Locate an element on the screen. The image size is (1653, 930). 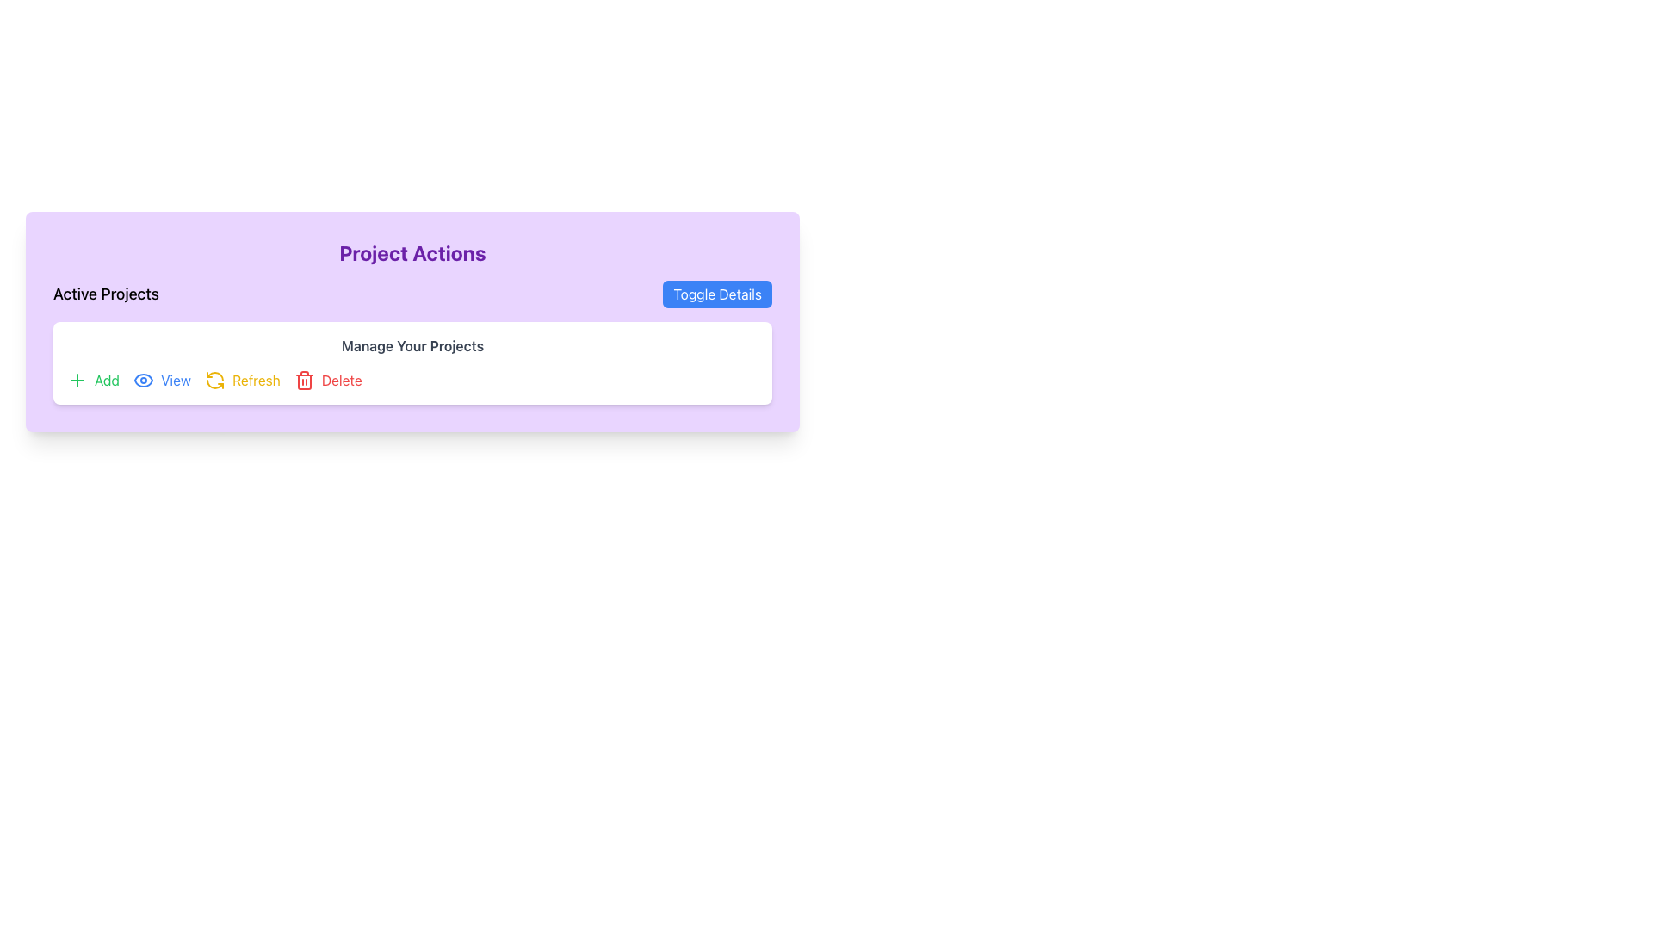
the refresh button in the 'Active Projects' toolbar is located at coordinates (241, 380).